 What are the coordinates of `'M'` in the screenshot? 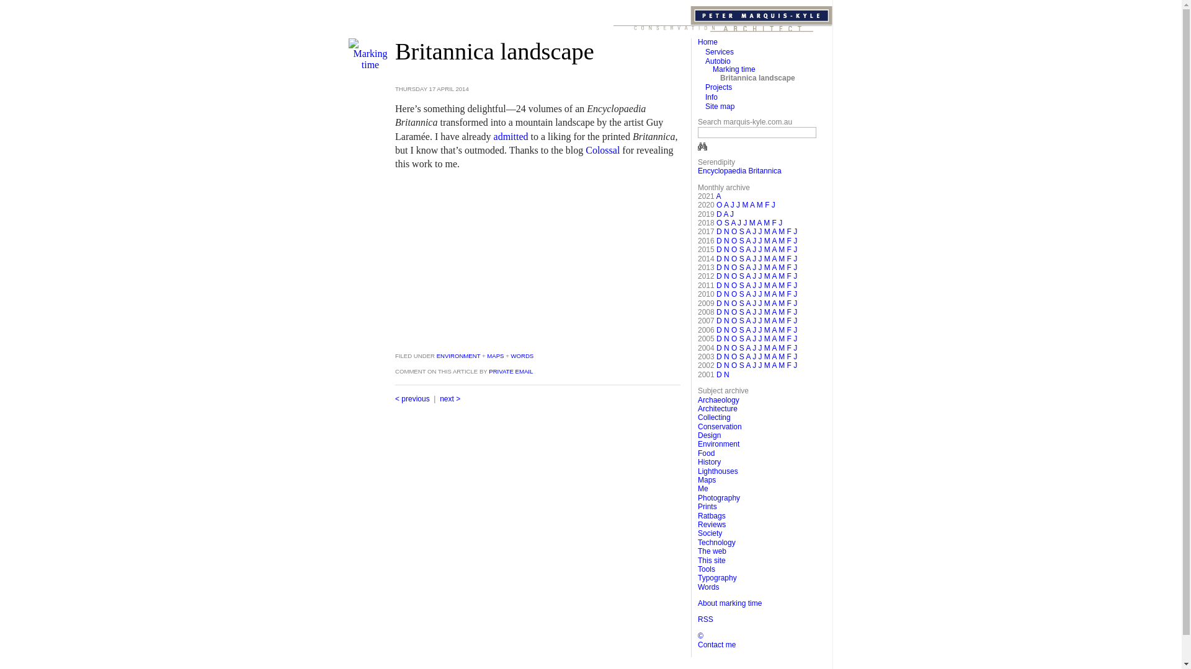 It's located at (780, 312).